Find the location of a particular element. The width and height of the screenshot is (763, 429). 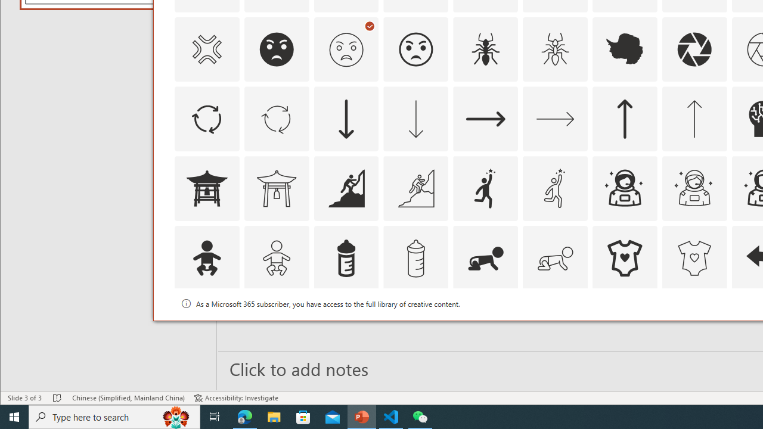

'AutomationID: Icons_Baby_M' is located at coordinates (276, 258).